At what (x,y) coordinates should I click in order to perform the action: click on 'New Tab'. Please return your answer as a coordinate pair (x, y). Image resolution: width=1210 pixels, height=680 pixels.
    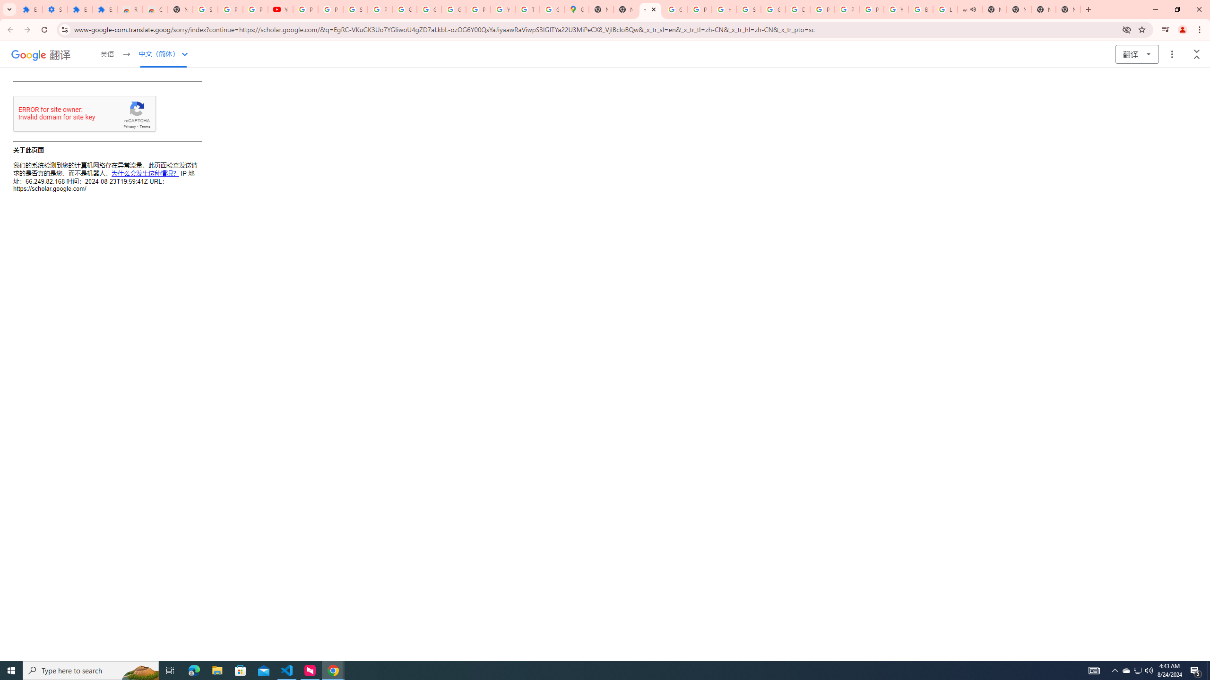
    Looking at the image, I should click on (1067, 9).